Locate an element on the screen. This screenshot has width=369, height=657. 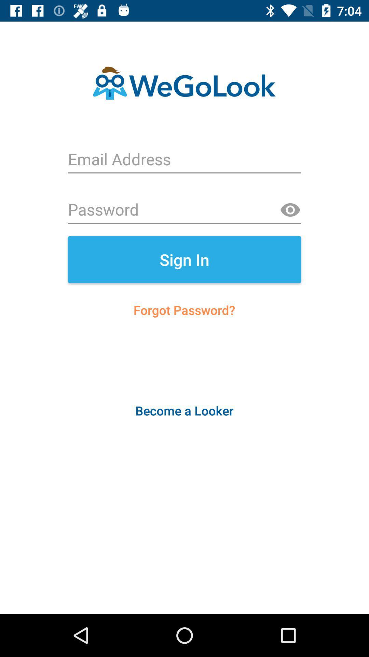
the password is located at coordinates (184, 210).